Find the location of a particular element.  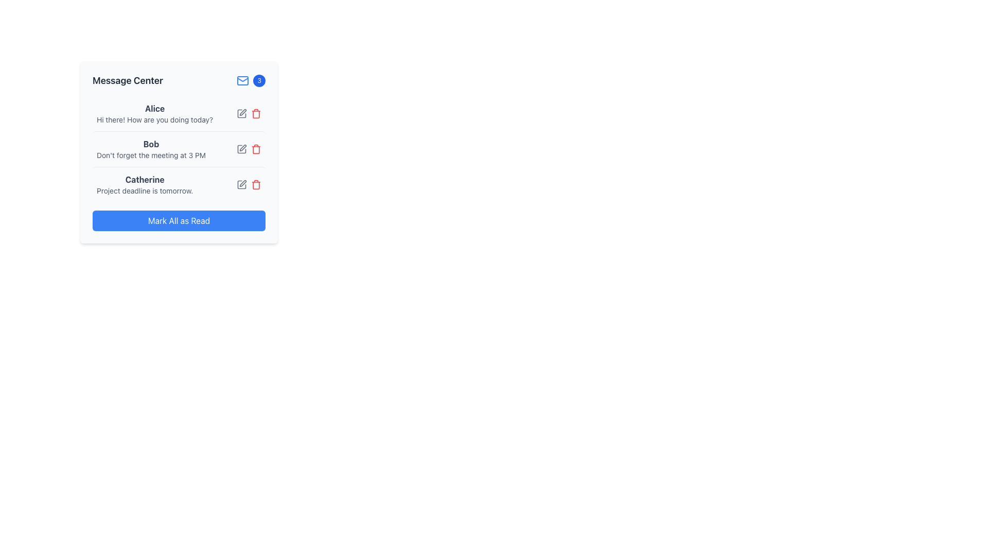

text element displaying the message "Don't forget the meeting at 3 PM," which is the second message in the Message Center, located below the bold name label "Bob." is located at coordinates (150, 155).